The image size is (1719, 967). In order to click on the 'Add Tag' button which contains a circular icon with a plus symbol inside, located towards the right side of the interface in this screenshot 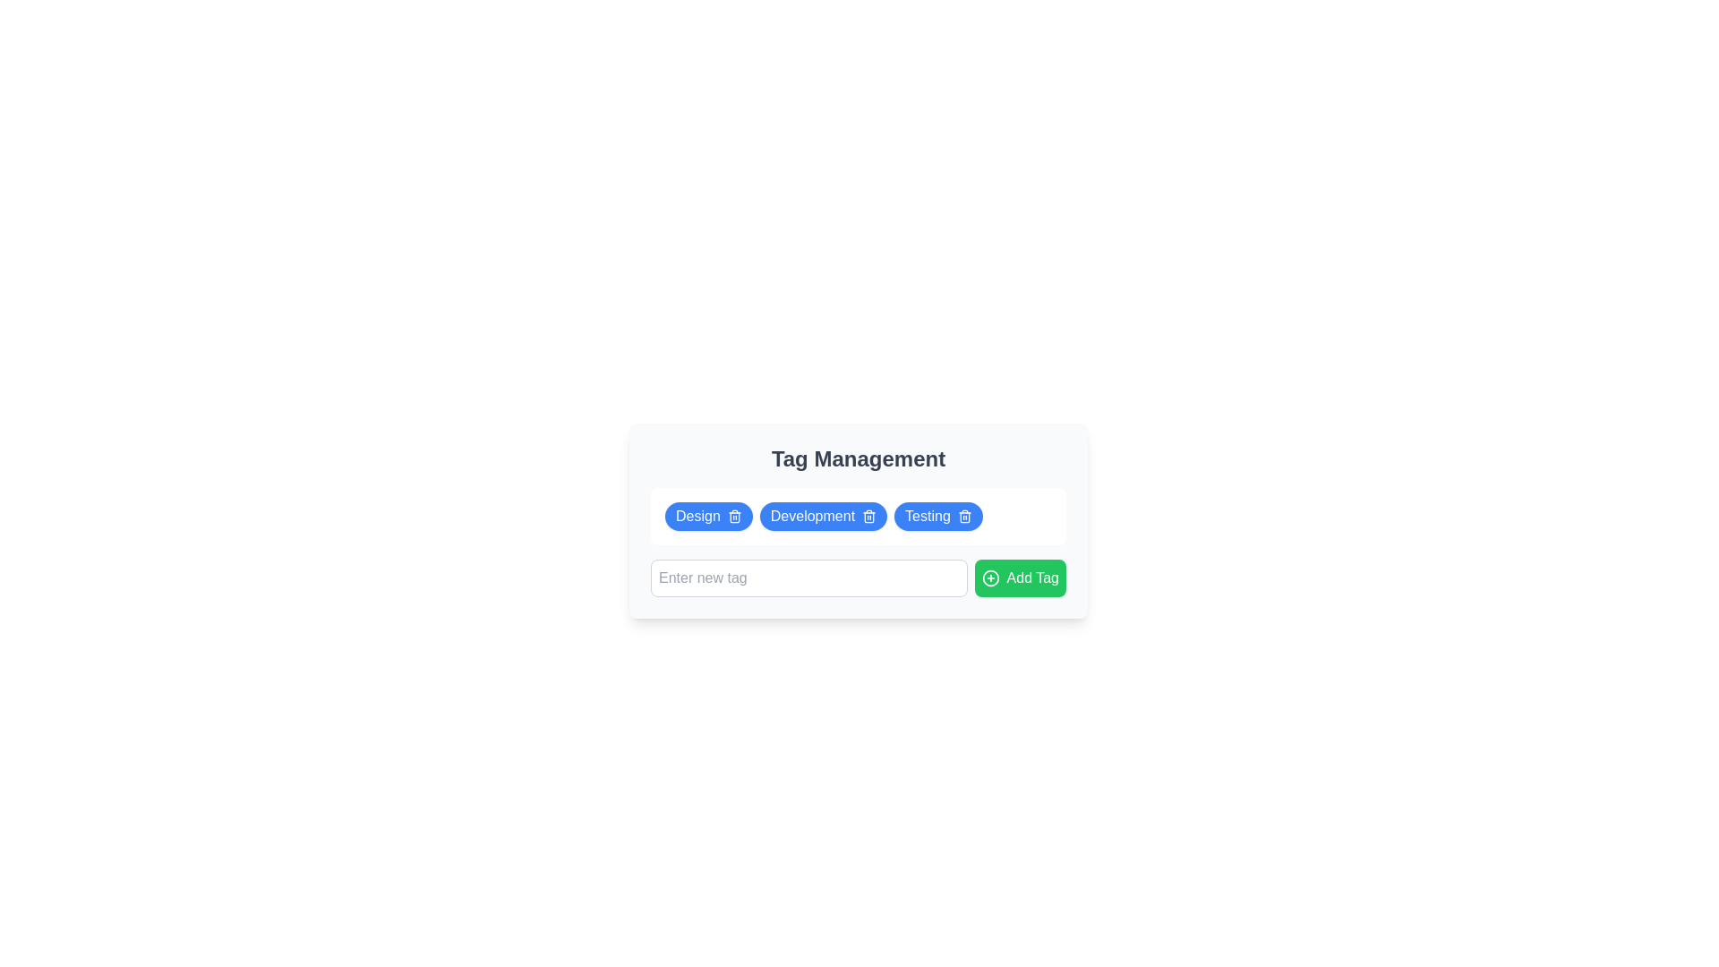, I will do `click(989, 578)`.